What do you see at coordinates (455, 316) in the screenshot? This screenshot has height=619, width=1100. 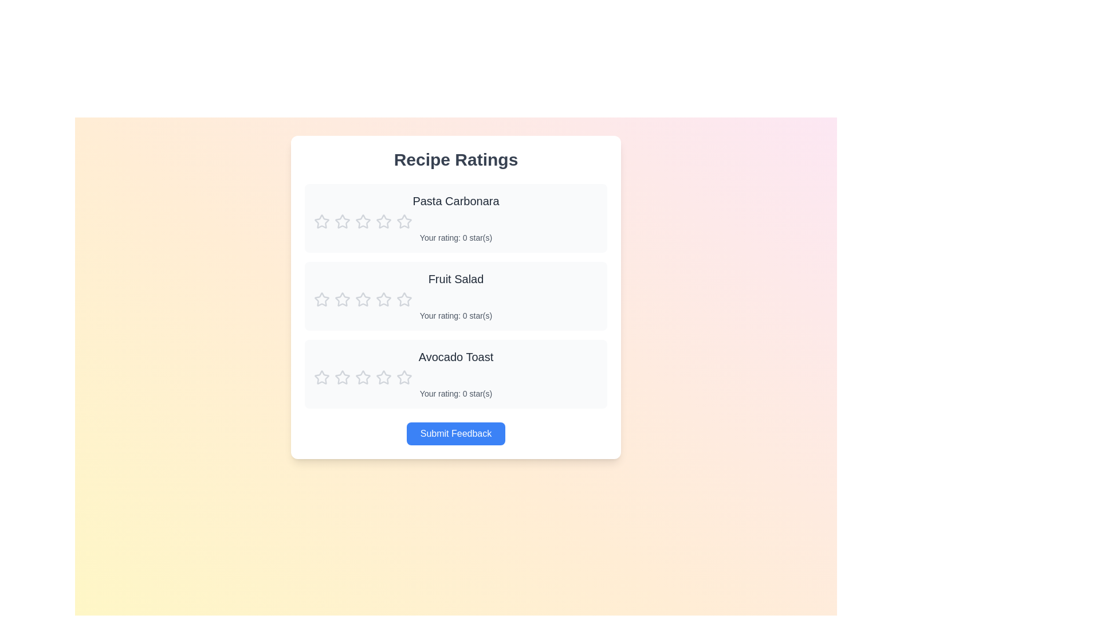 I see `text label displaying the current rating for the 'Fruit Salad' item, which is located below the 'Fruit Salad' title and the star rating widget` at bounding box center [455, 316].